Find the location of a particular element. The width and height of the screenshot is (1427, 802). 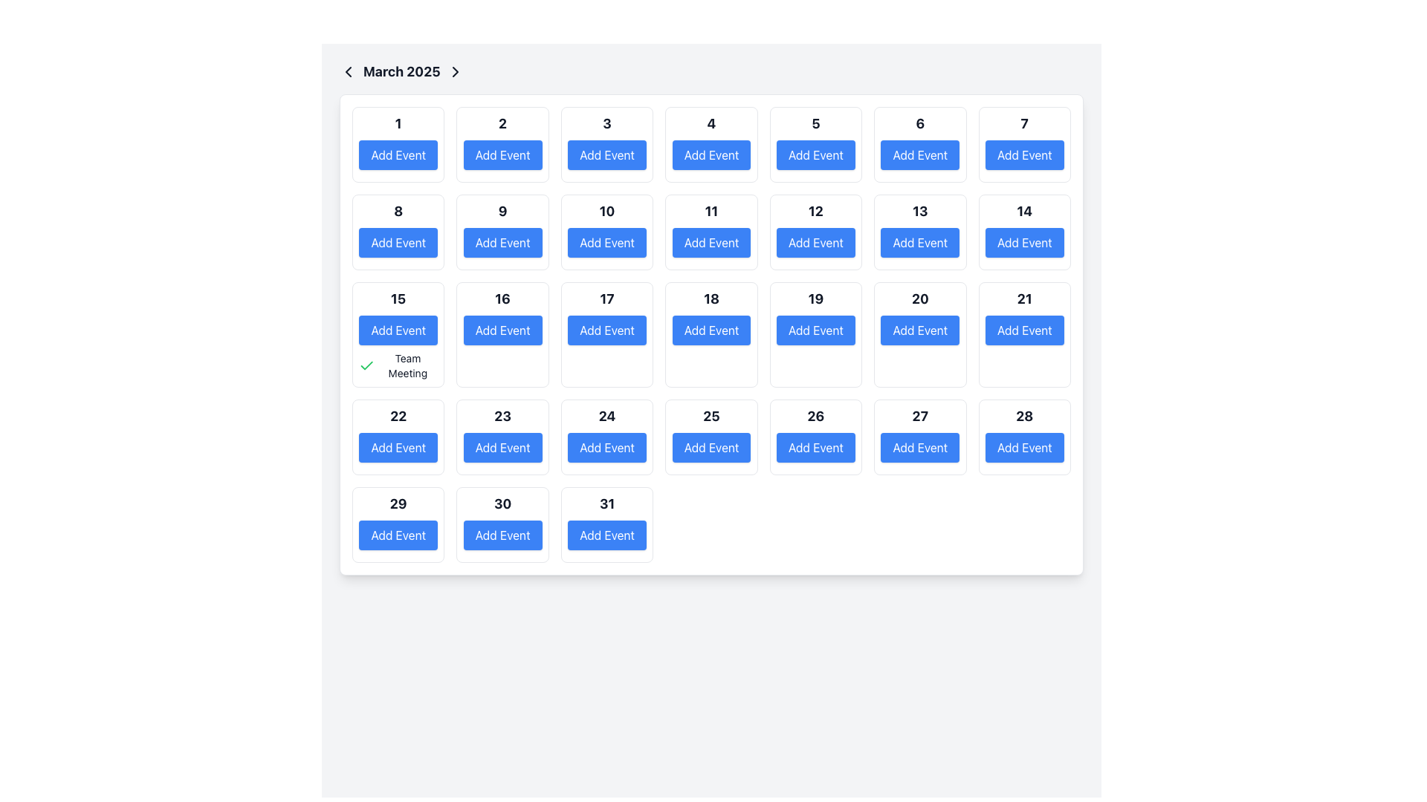

the static text label displaying the number '28', which is bold and slightly enlarged, located above the blue 'Add Event' button in the calendar cell for the 28th day is located at coordinates (1023, 416).